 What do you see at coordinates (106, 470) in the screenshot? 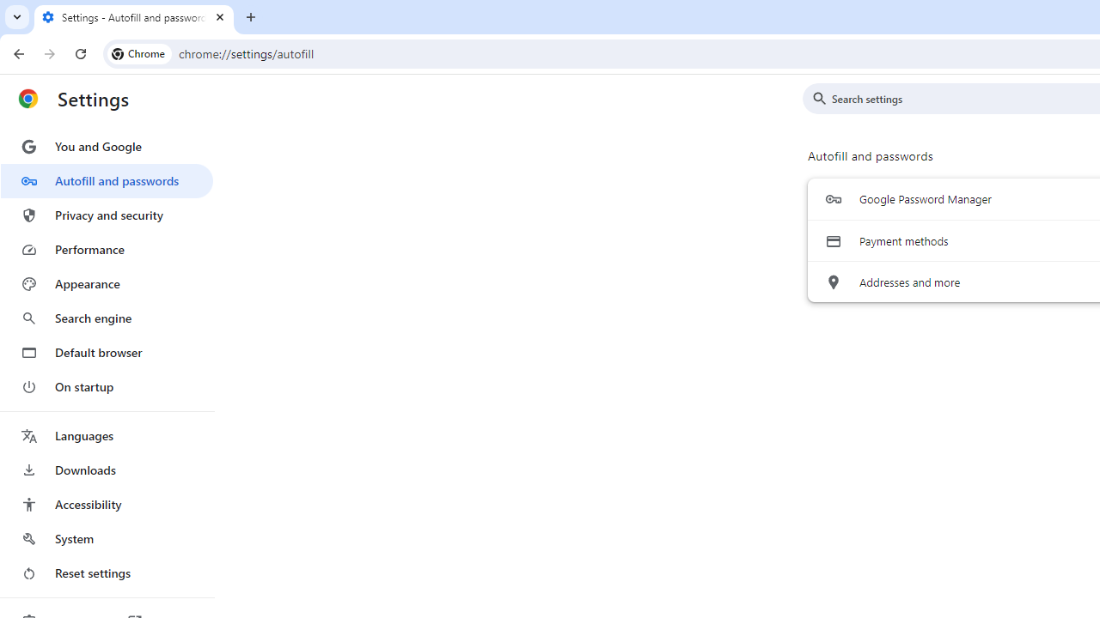
I see `'Downloads'` at bounding box center [106, 470].